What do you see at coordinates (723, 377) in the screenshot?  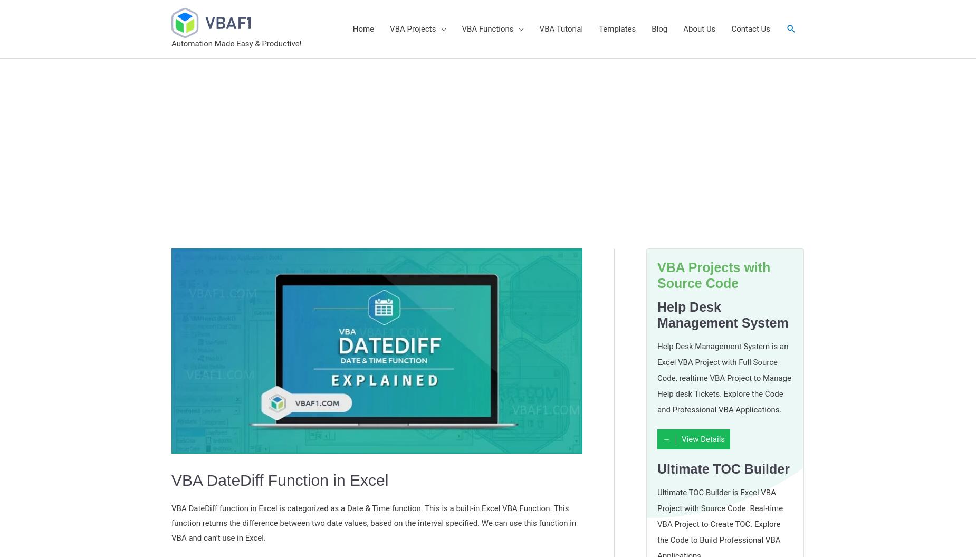 I see `'Help Desk Management System is an Excel VBA Project with Full Source Code, realtime VBA Project to Manage Help desk Tickets. Explore the Code and Professional VBA Applications.'` at bounding box center [723, 377].